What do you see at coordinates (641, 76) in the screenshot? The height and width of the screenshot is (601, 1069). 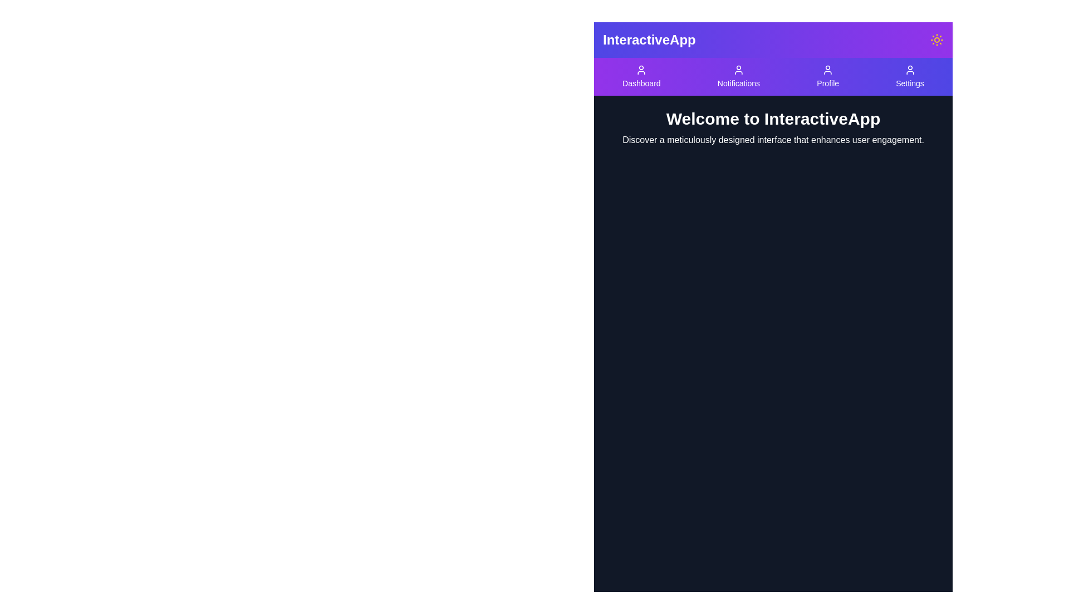 I see `the Dashboard button in the navigation bar` at bounding box center [641, 76].